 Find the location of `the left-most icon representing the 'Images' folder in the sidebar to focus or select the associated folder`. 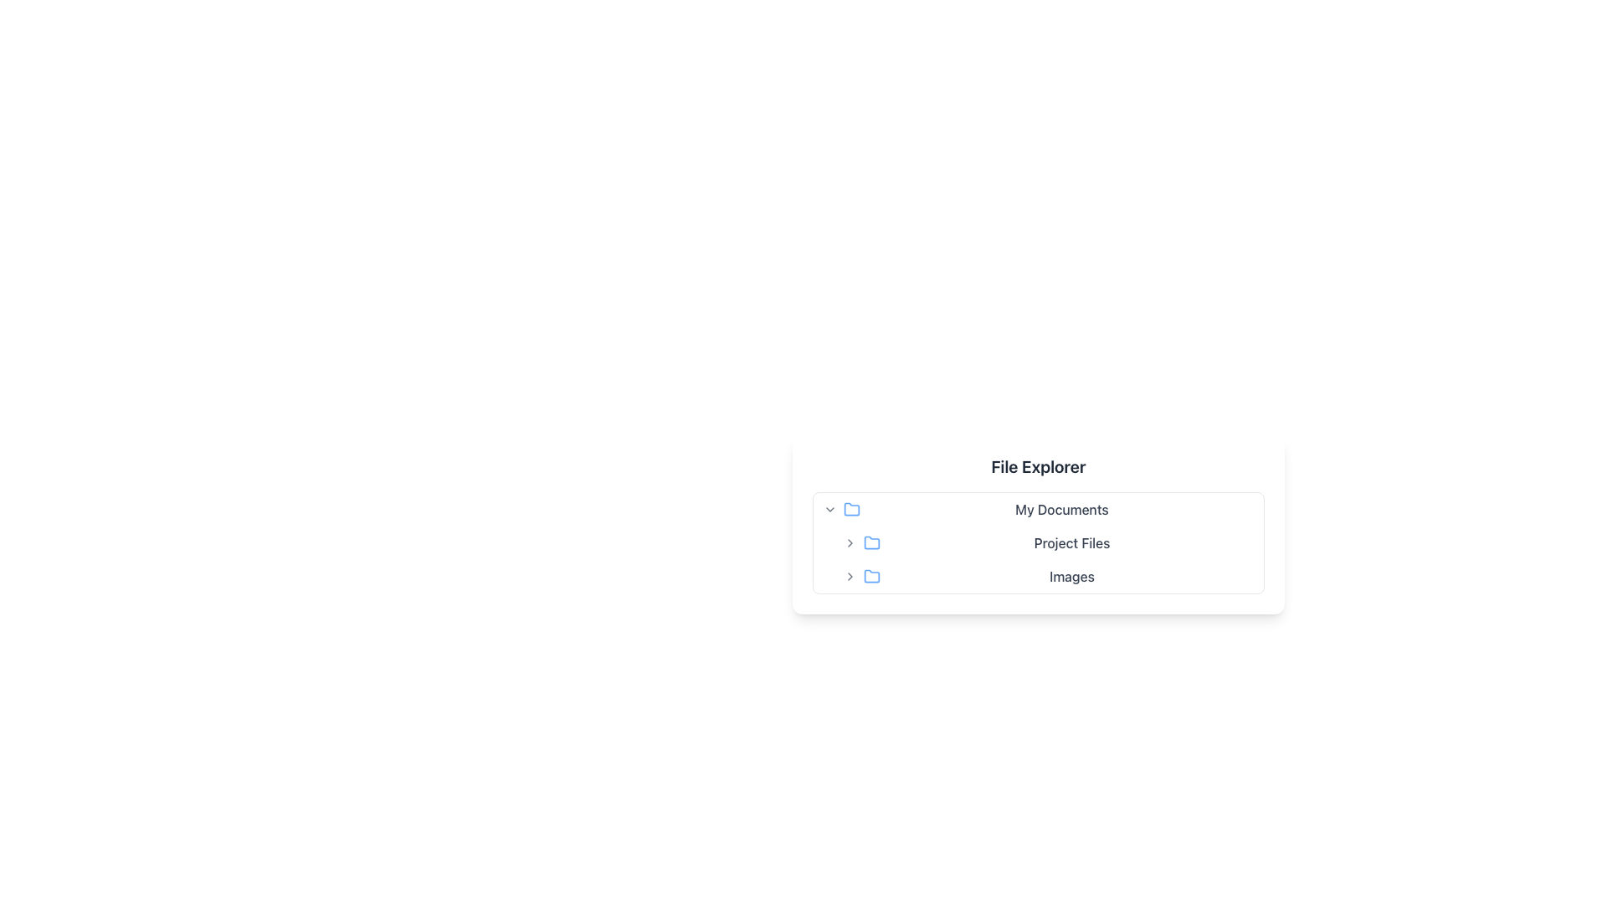

the left-most icon representing the 'Images' folder in the sidebar to focus or select the associated folder is located at coordinates (870, 576).